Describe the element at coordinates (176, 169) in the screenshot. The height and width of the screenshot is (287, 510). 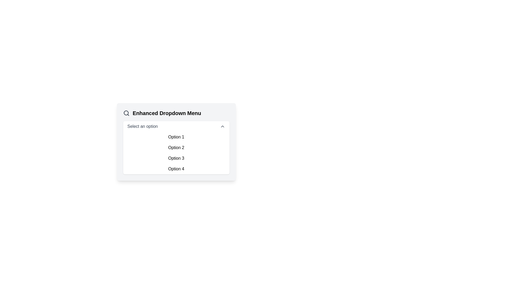
I see `the fourth option in the dropdown menu` at that location.